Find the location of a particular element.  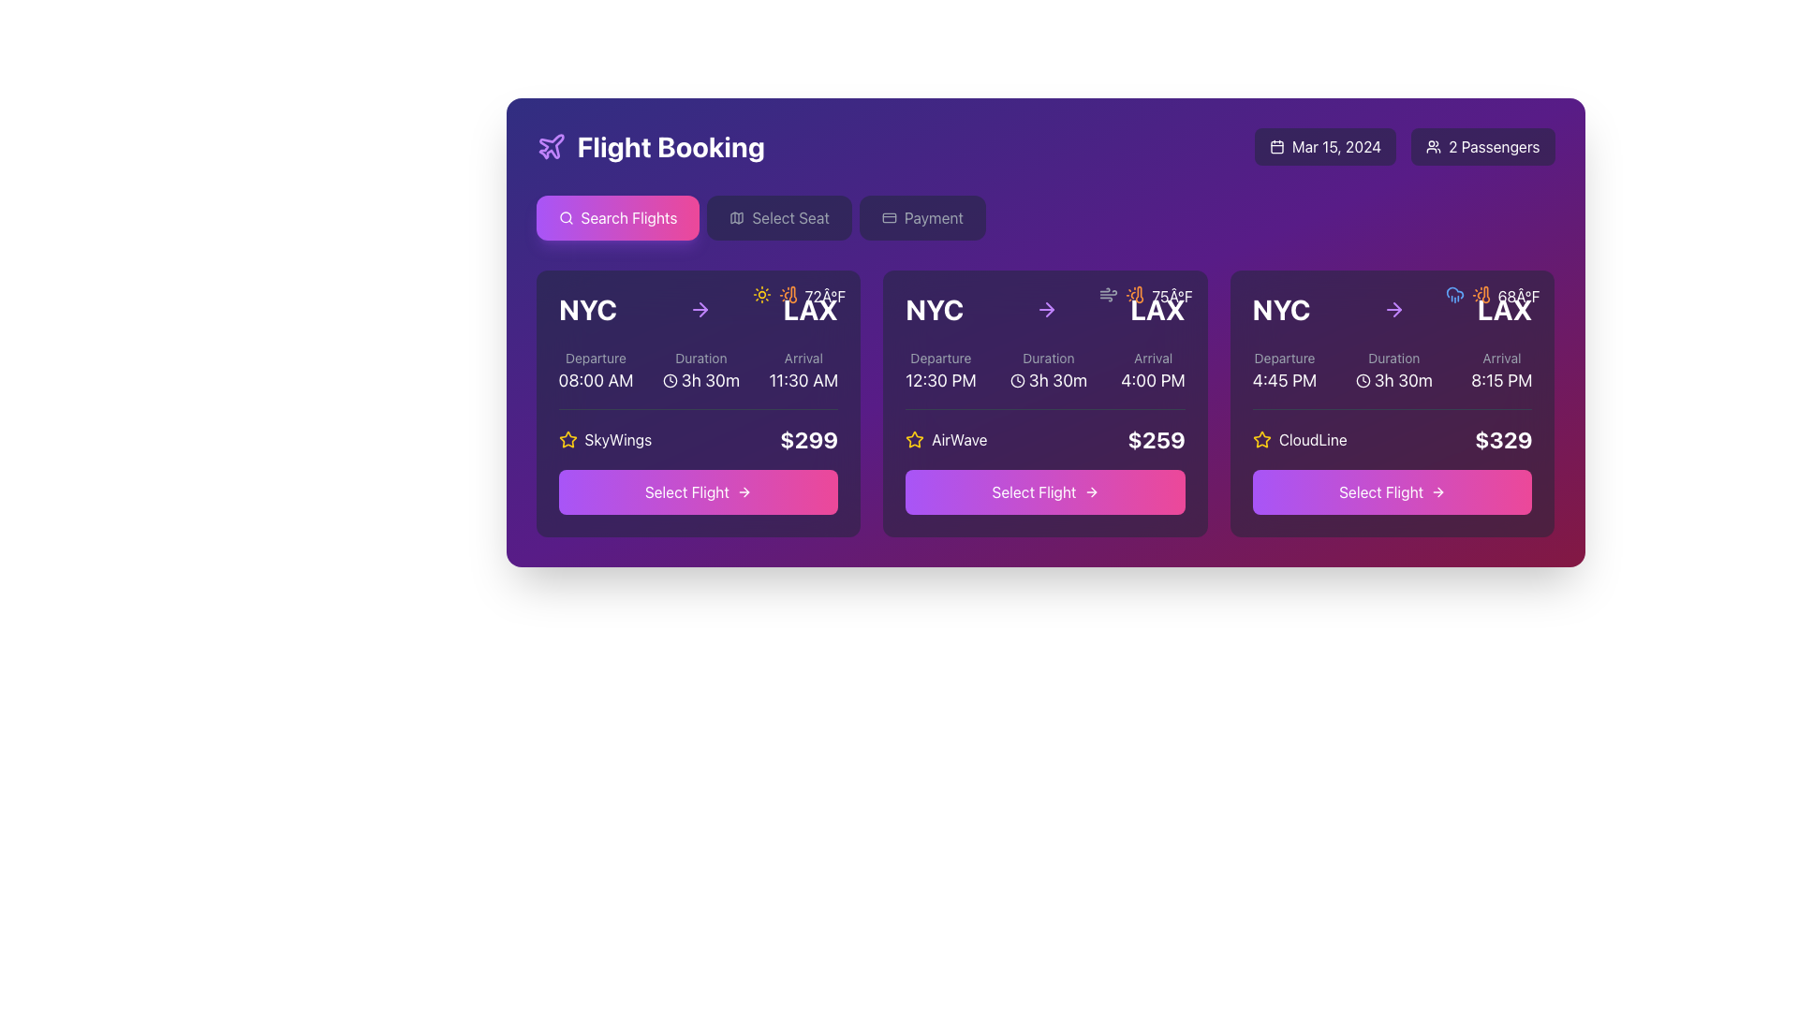

the text displaying '4:00 PM' in large white font on a purple background, which is part of a flight booking card and positioned under the label 'Arrival' is located at coordinates (1152, 380).